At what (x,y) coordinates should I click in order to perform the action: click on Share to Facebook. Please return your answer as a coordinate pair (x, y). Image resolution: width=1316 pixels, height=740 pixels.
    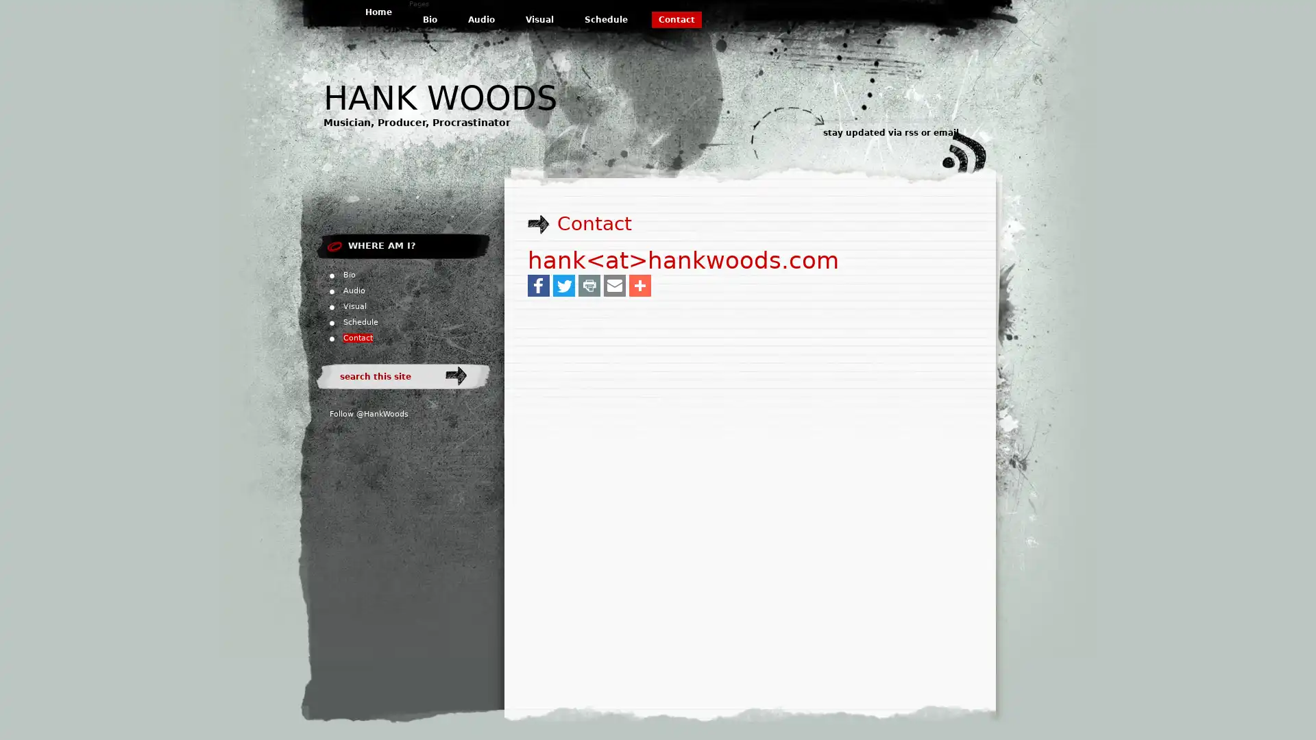
    Looking at the image, I should click on (538, 284).